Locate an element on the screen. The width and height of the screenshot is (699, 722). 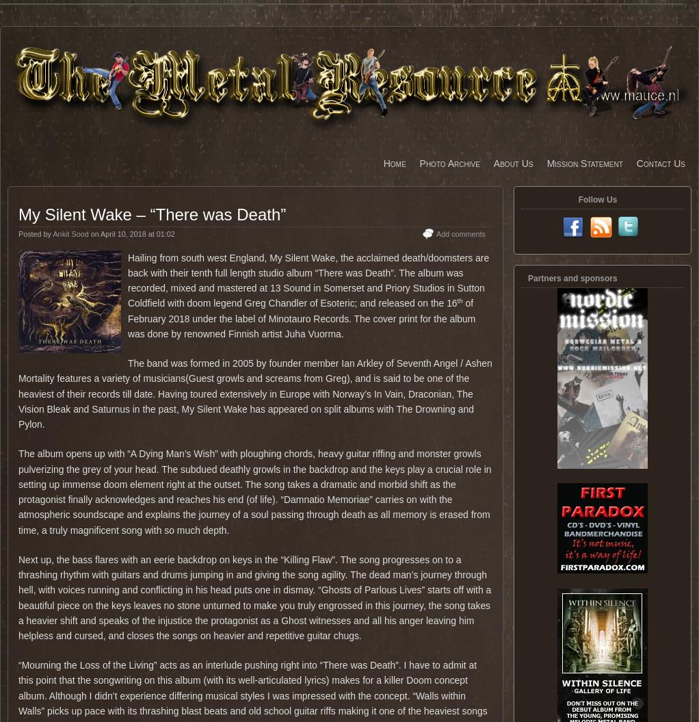
'Ankit Sood' is located at coordinates (70, 233).